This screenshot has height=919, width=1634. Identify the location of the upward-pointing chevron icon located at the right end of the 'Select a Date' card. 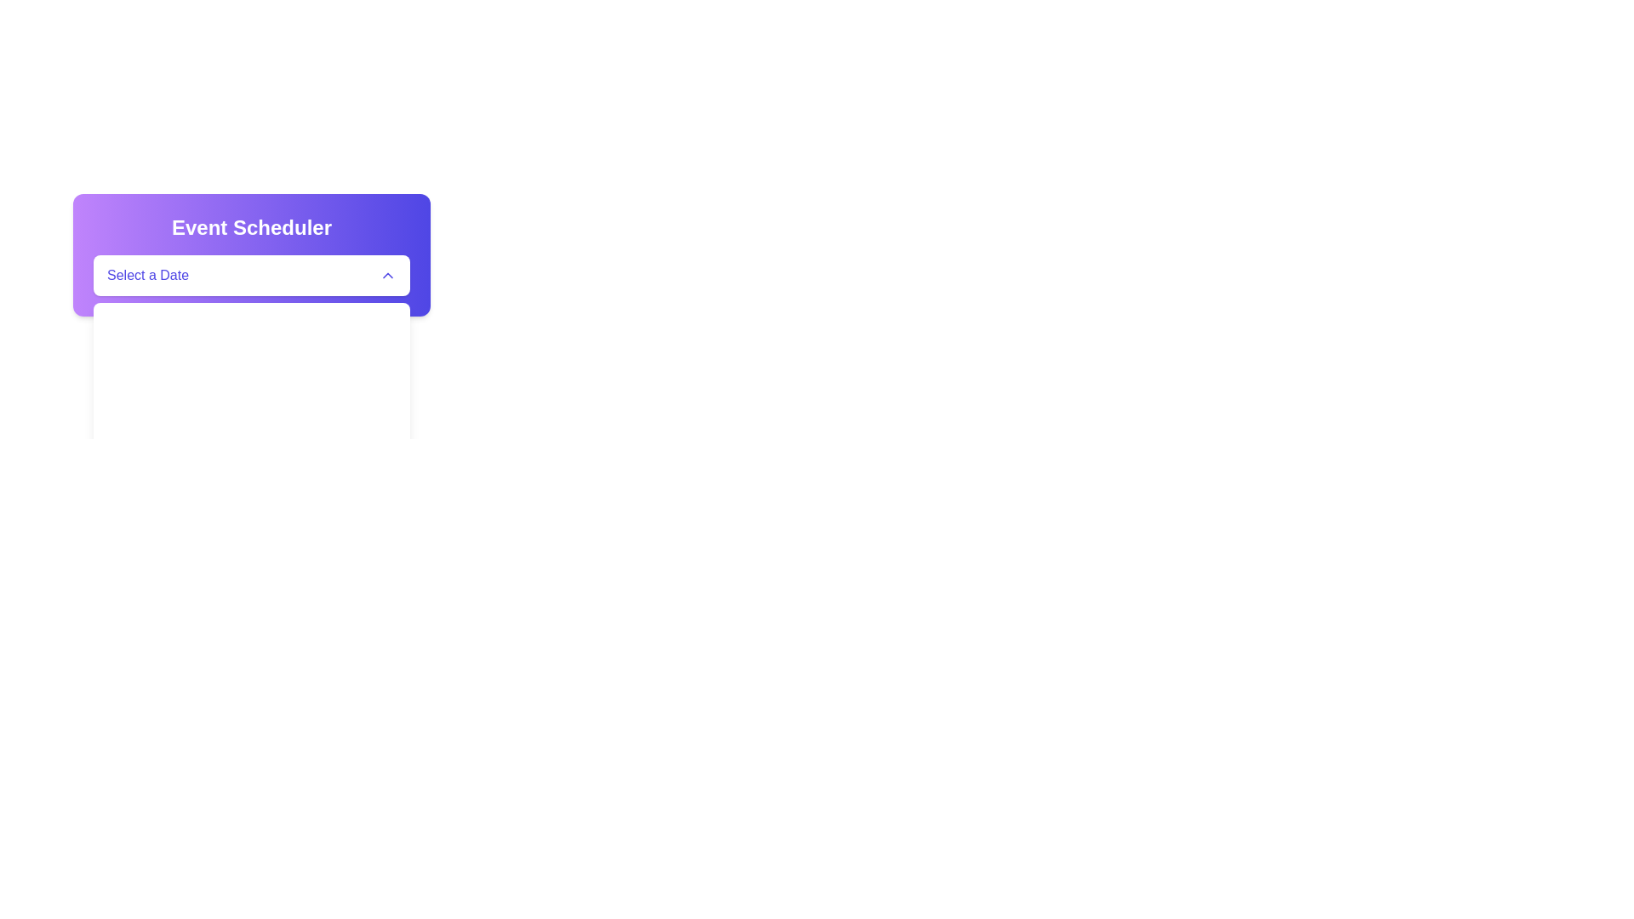
(387, 275).